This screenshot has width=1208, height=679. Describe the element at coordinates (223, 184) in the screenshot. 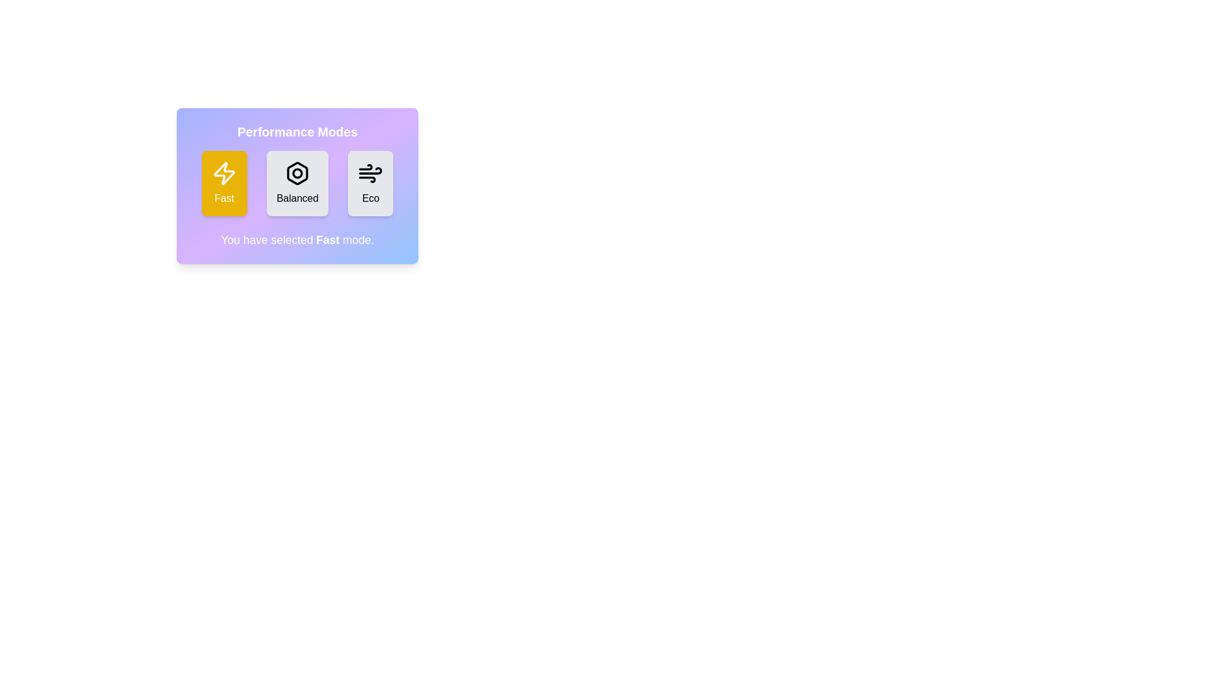

I see `the mode by clicking on the corresponding button. The parameter Fast specifies the mode to select, which can be 'Fast', 'Balanced', or 'Eco'` at that location.